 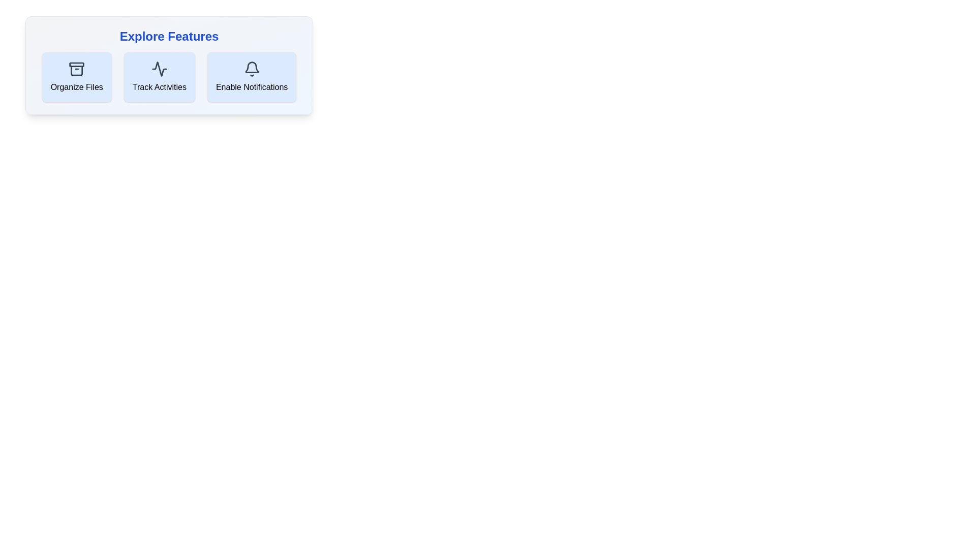 What do you see at coordinates (252, 87) in the screenshot?
I see `the descriptive Text label located below the bell icon, which is part of the third group in a horizontally aligned list of features` at bounding box center [252, 87].